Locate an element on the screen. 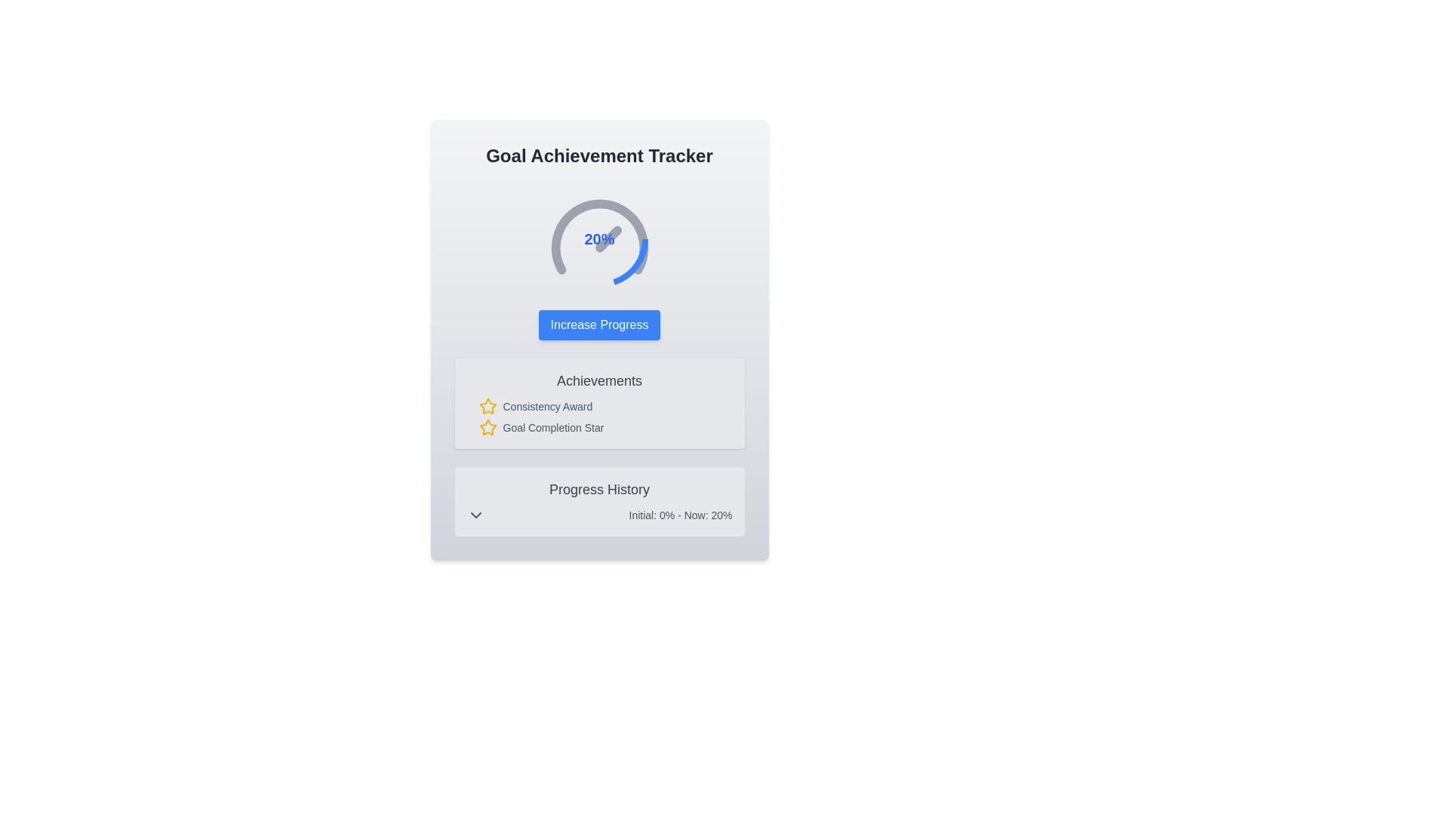  the first list item in the 'Achievements' section titled 'Consistency Award' is located at coordinates (598, 417).